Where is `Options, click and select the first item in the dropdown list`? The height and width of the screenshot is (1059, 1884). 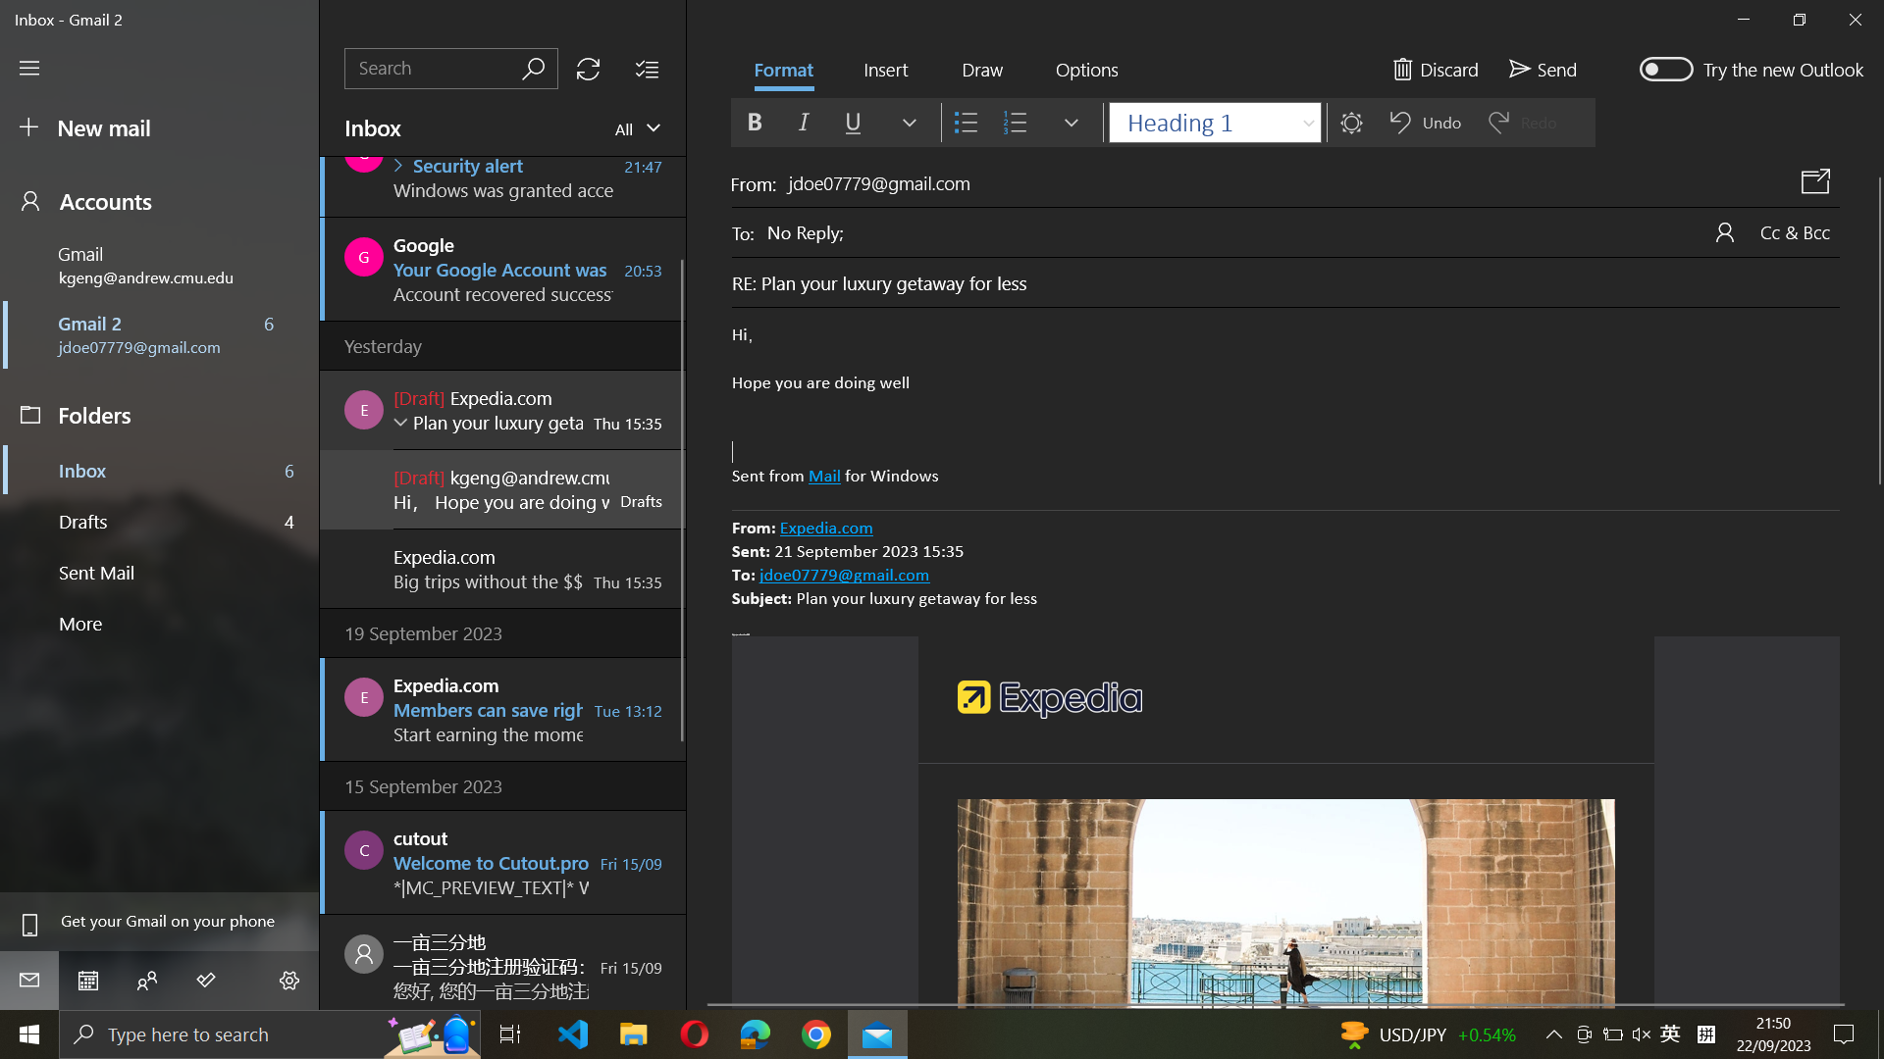
Options, click and select the first item in the dropdown list is located at coordinates (1085, 70).